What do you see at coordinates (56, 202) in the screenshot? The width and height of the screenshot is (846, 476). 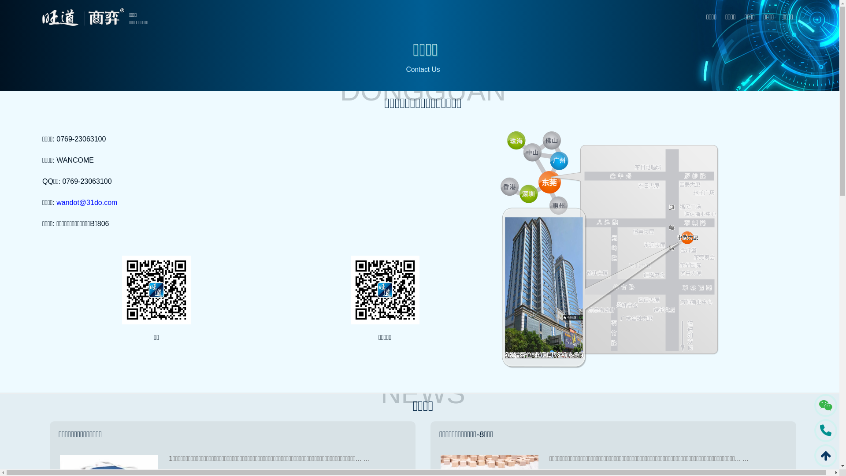 I see `'wandot@31do.com'` at bounding box center [56, 202].